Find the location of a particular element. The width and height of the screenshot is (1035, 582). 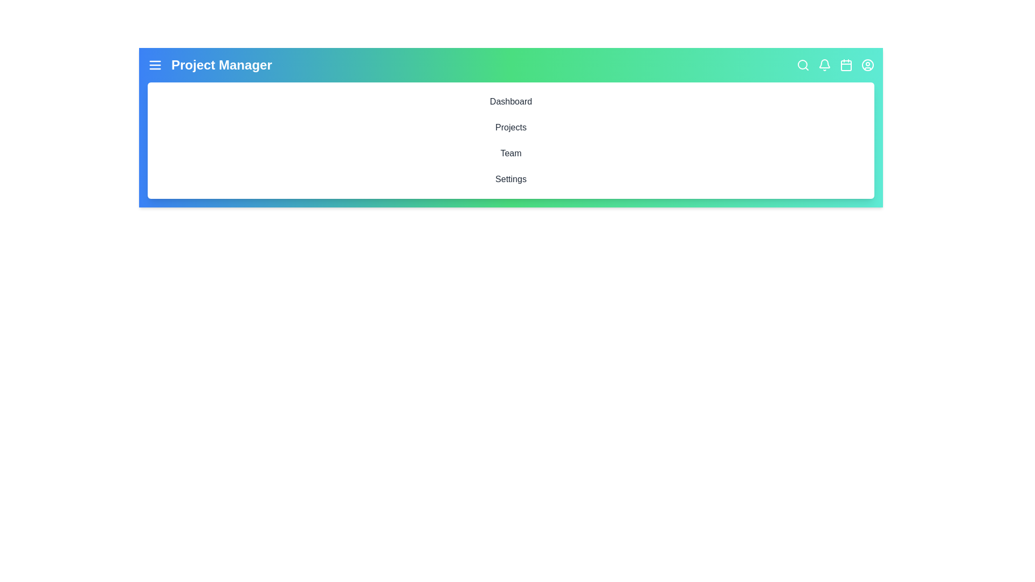

the menu item Team to navigate to the corresponding section is located at coordinates (510, 154).